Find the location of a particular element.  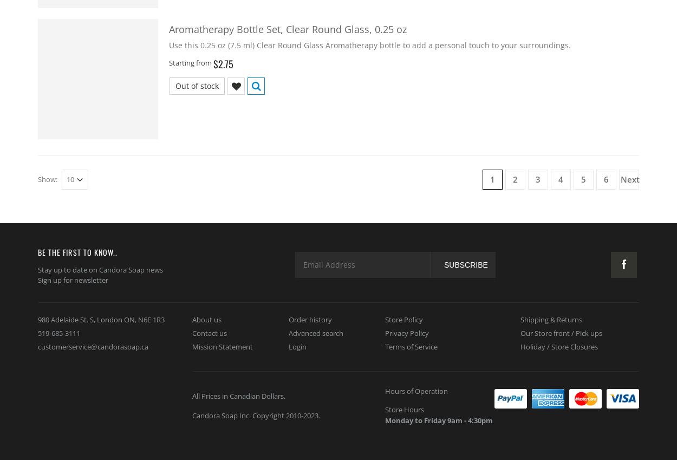

'Sign up for newsletter' is located at coordinates (37, 280).